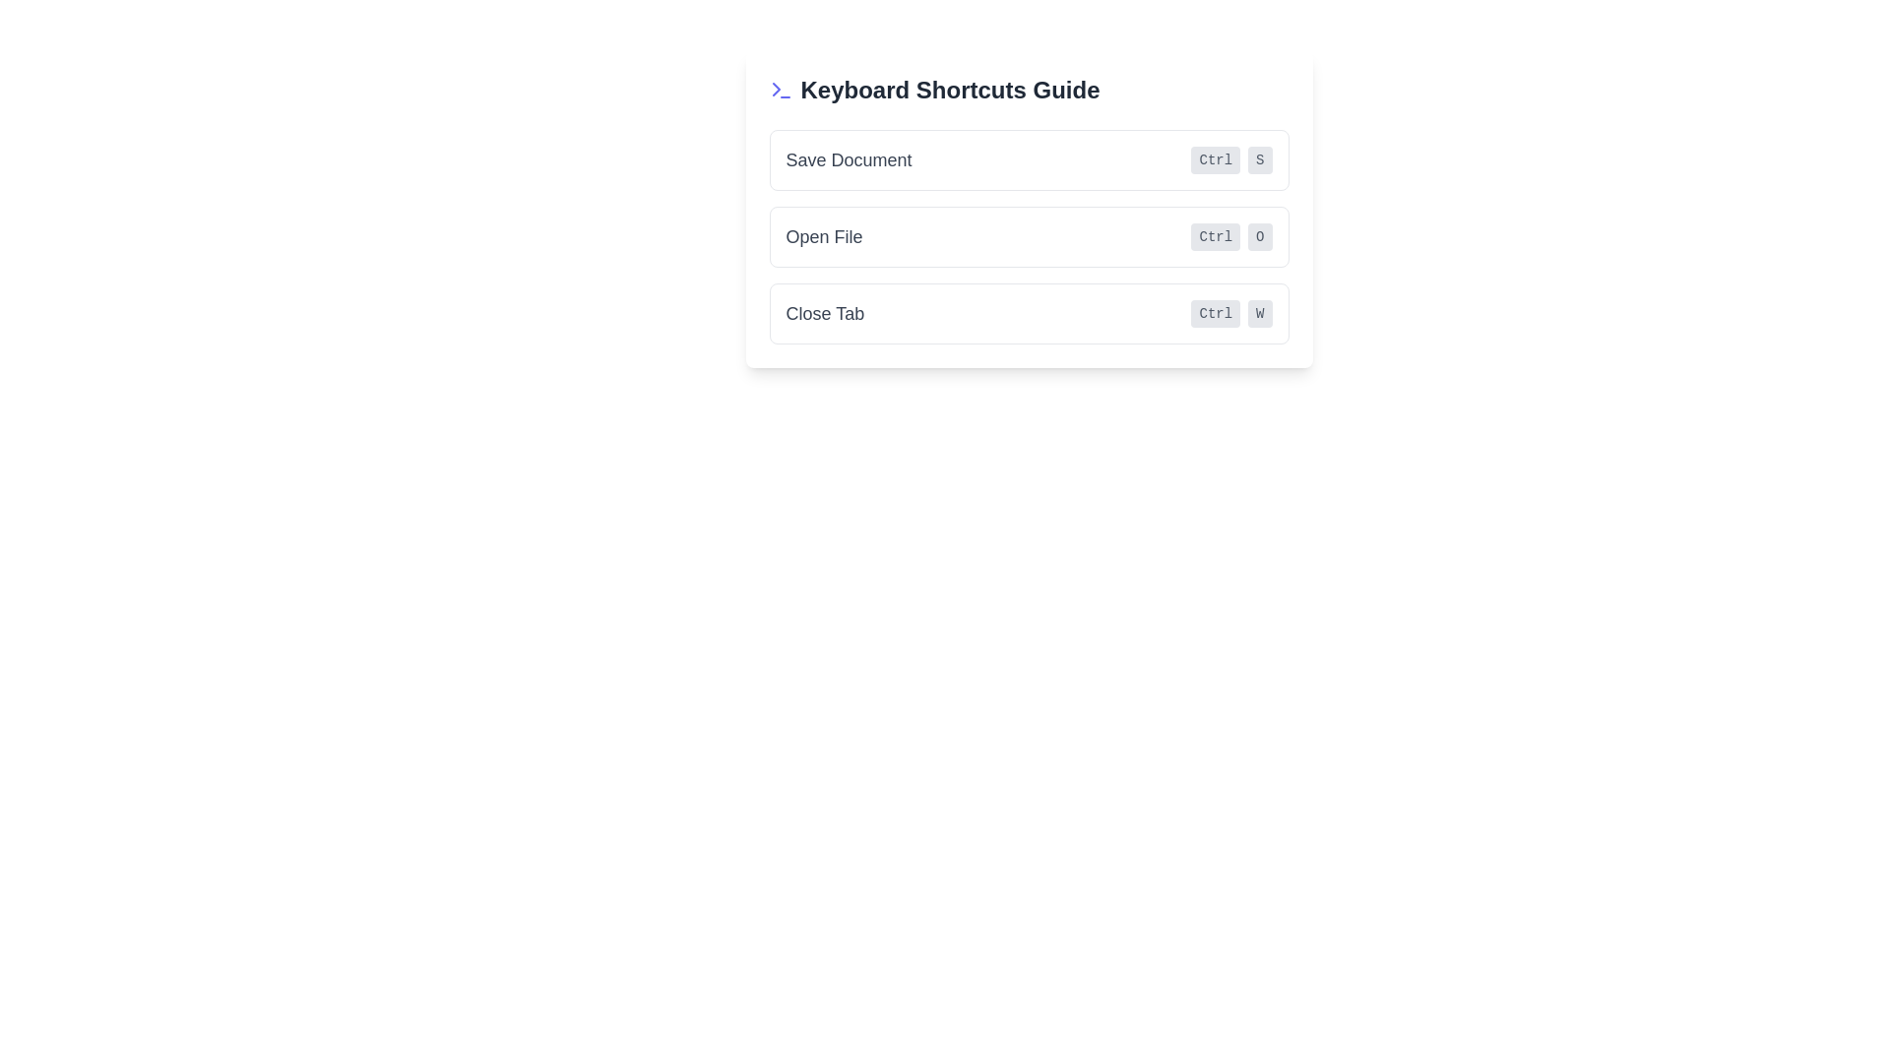 The height and width of the screenshot is (1063, 1890). I want to click on the informational button for closing a tab, which is the third element in the 'Keyboard Shortcuts Guide' list, located below 'Save Document' and 'Open File', so click(1028, 313).